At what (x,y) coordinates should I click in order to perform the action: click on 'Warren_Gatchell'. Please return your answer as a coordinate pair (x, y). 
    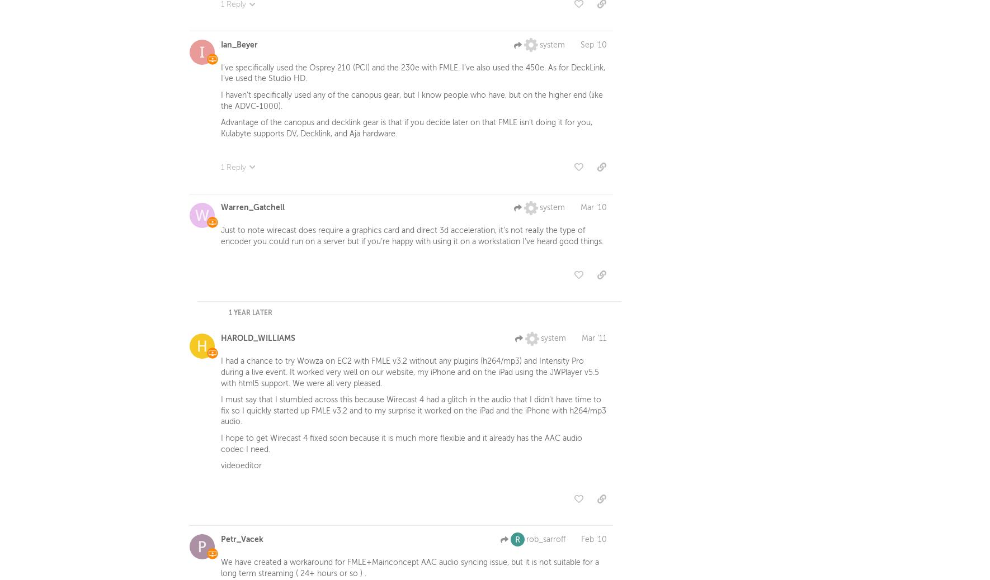
    Looking at the image, I should click on (253, 210).